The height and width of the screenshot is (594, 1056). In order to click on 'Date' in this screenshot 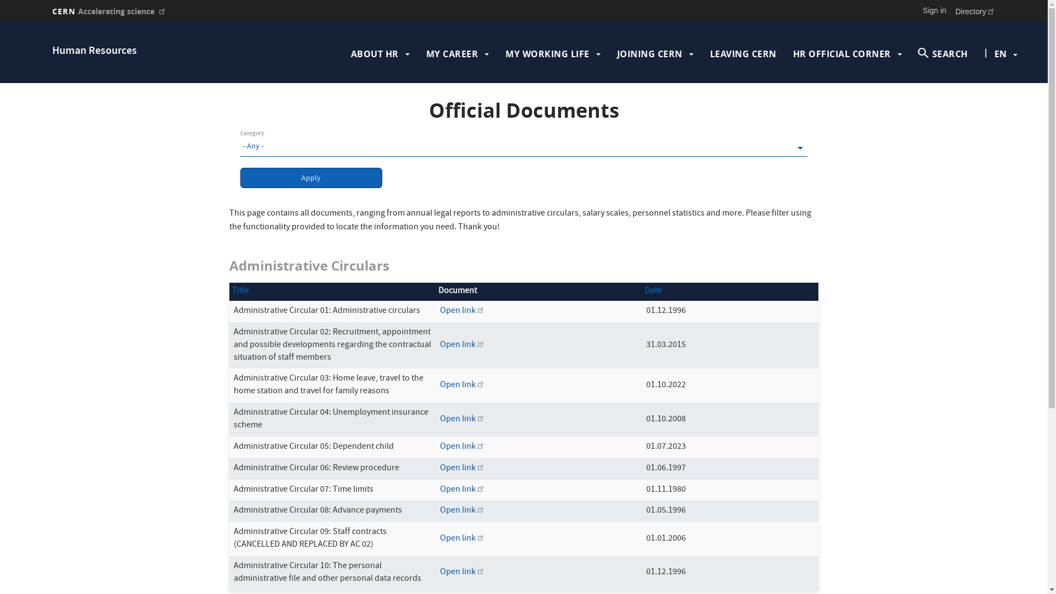, I will do `click(653, 290)`.